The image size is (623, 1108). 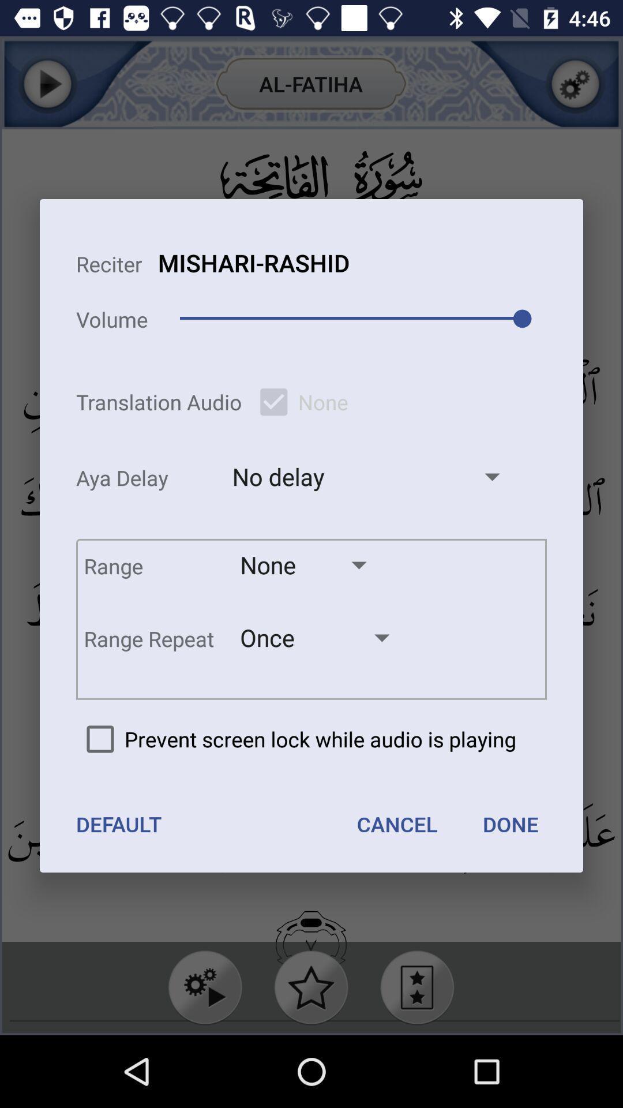 What do you see at coordinates (396, 823) in the screenshot?
I see `item to the right of the default icon` at bounding box center [396, 823].